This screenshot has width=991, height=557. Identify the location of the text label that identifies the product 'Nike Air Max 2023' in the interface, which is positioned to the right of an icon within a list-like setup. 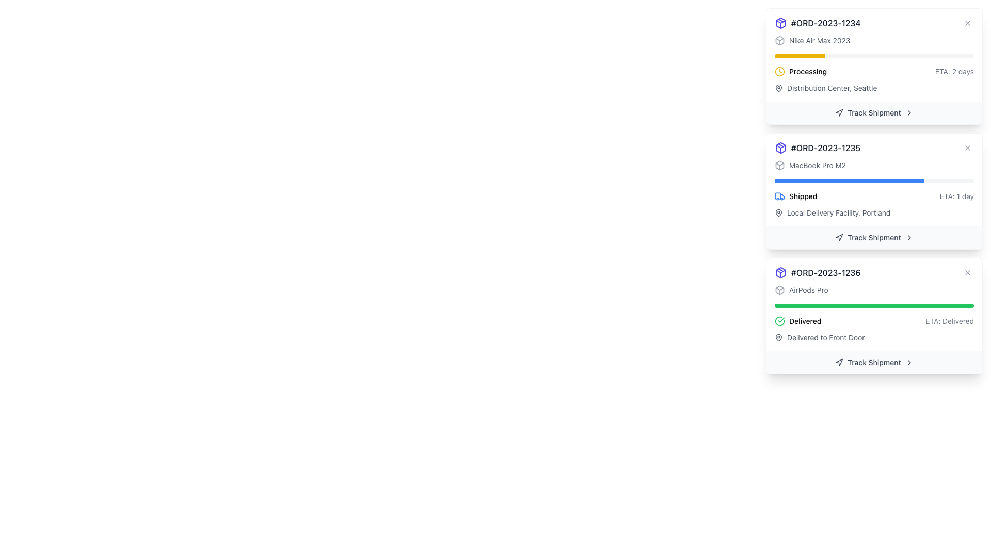
(819, 40).